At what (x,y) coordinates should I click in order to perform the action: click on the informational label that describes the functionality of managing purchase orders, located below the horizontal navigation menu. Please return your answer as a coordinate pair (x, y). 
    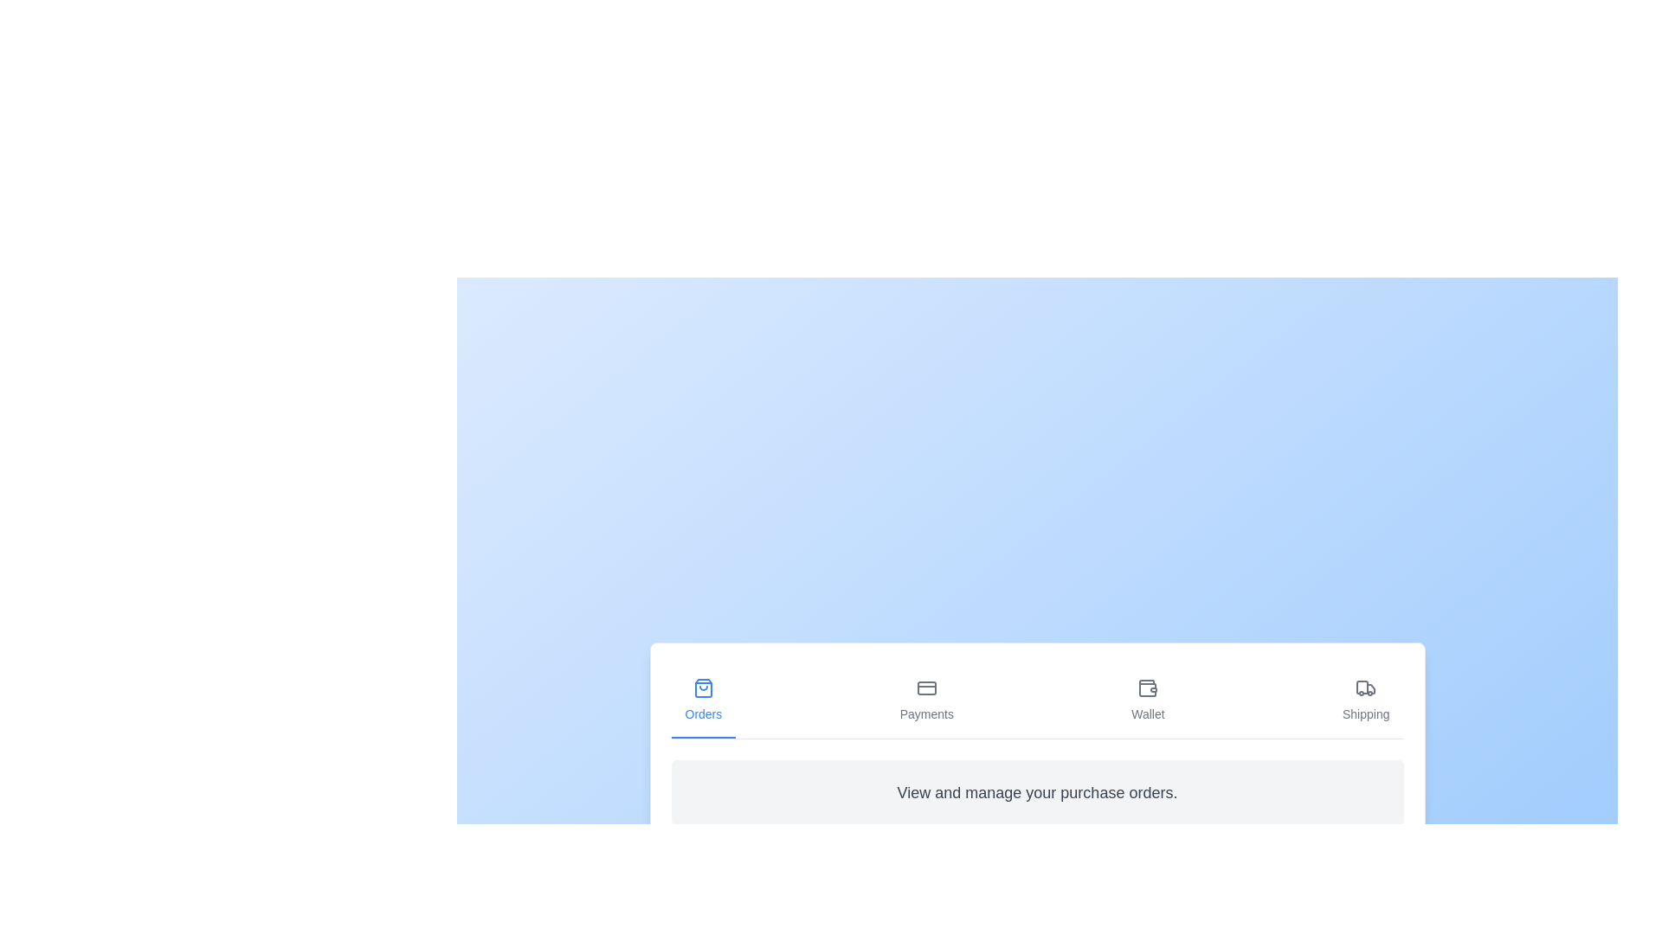
    Looking at the image, I should click on (1037, 792).